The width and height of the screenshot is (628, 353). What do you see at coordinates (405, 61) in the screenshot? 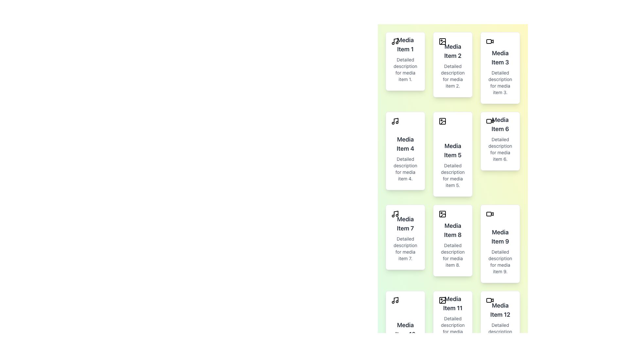
I see `the first Clickable media card in the media library` at bounding box center [405, 61].